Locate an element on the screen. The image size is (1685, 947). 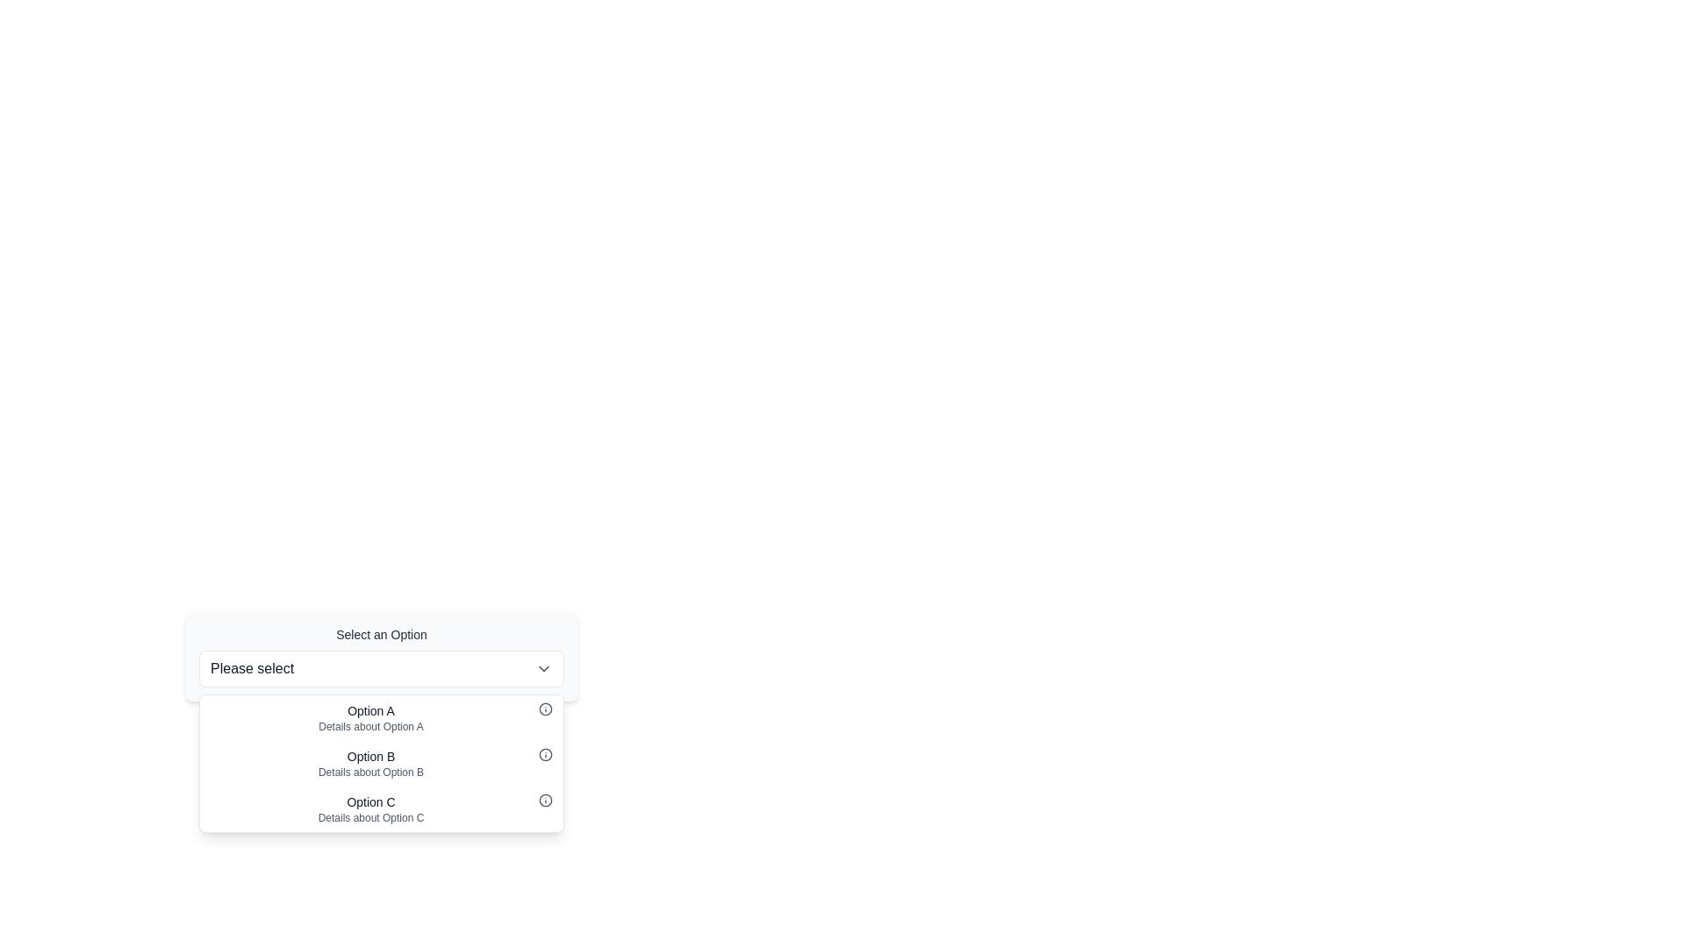
to select 'Option A' from the dropdown list located directly underneath the 'Select an Option' dropdown is located at coordinates (381, 717).